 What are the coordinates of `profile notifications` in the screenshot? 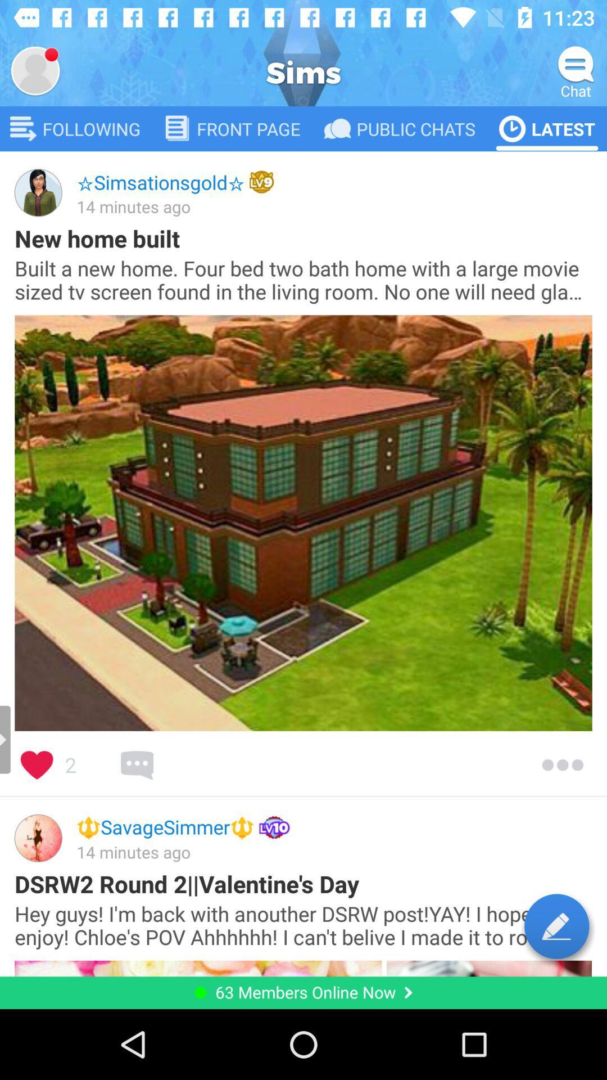 It's located at (34, 70).